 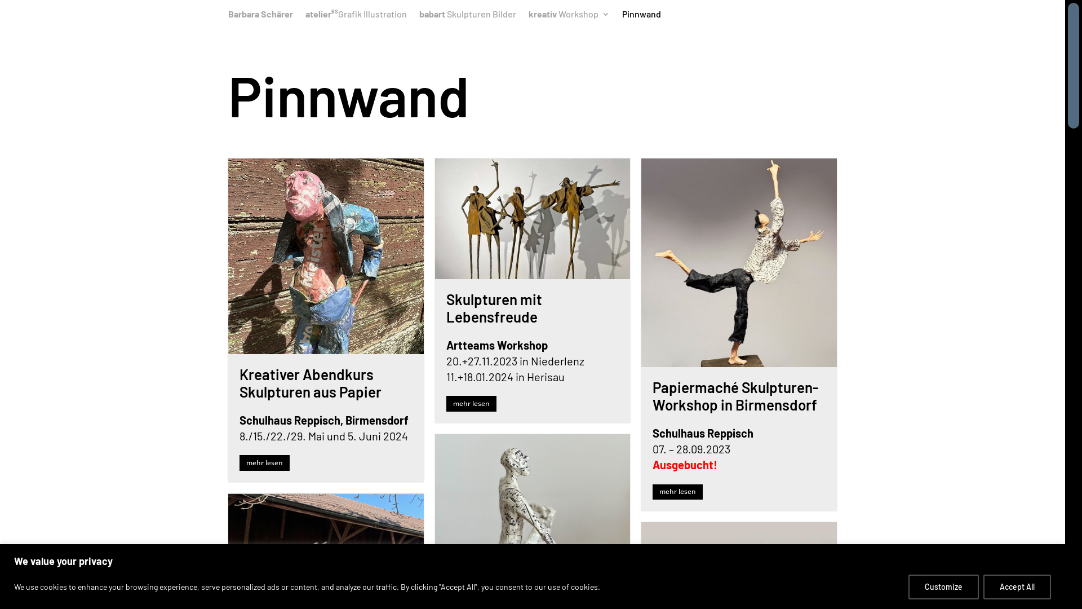 I want to click on 'Kreativer Abendkurs, so click(x=311, y=382).